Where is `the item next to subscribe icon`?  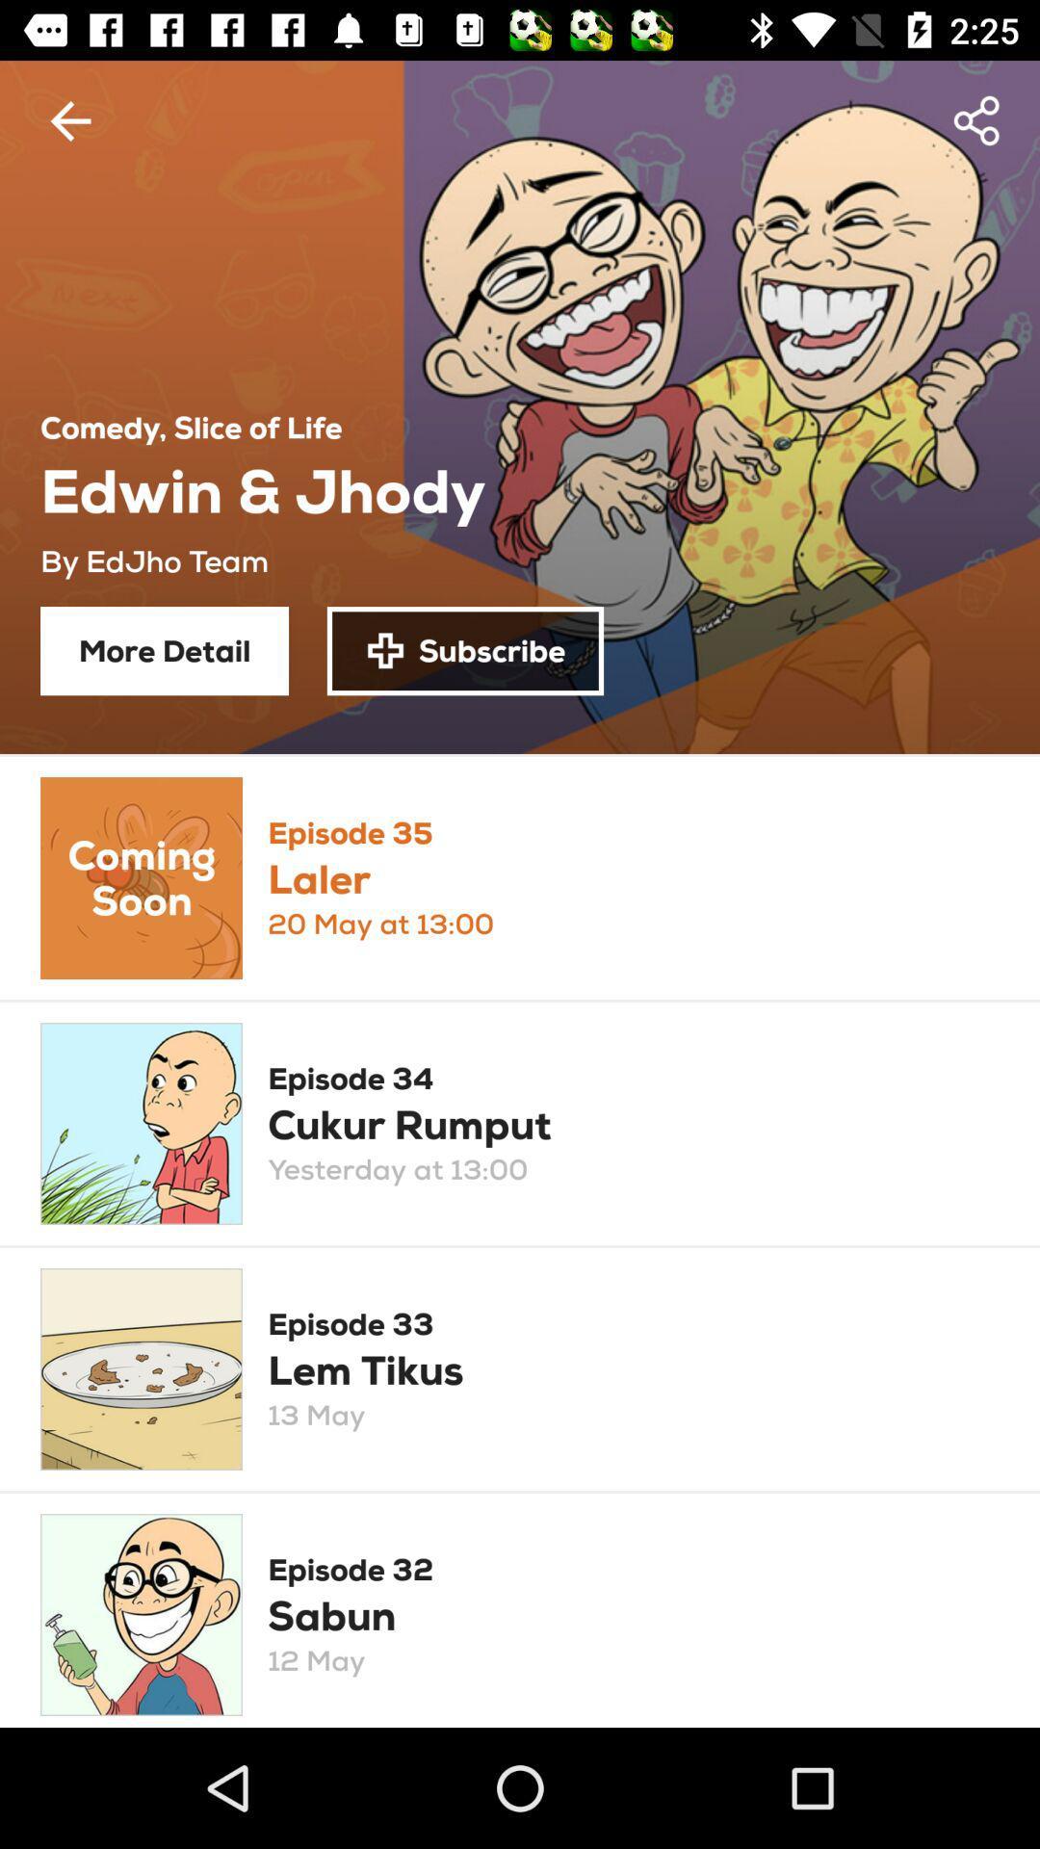
the item next to subscribe icon is located at coordinates (163, 651).